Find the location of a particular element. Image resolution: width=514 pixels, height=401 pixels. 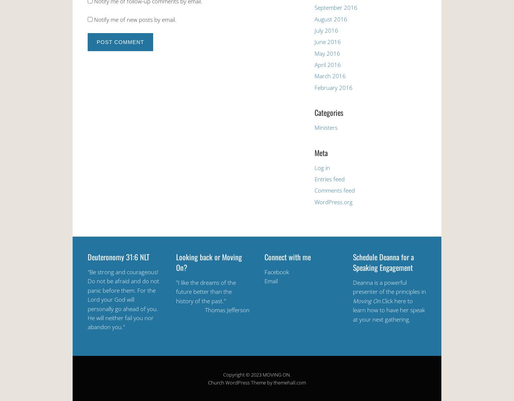

'WordPress Theme by themehall.com' is located at coordinates (265, 382).